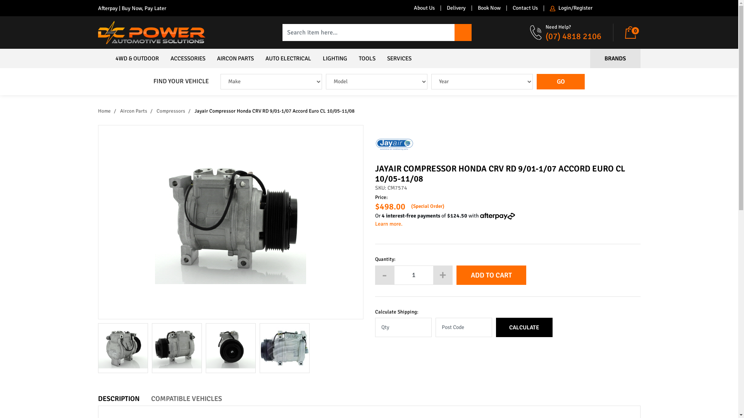  I want to click on 'Search', so click(463, 32).